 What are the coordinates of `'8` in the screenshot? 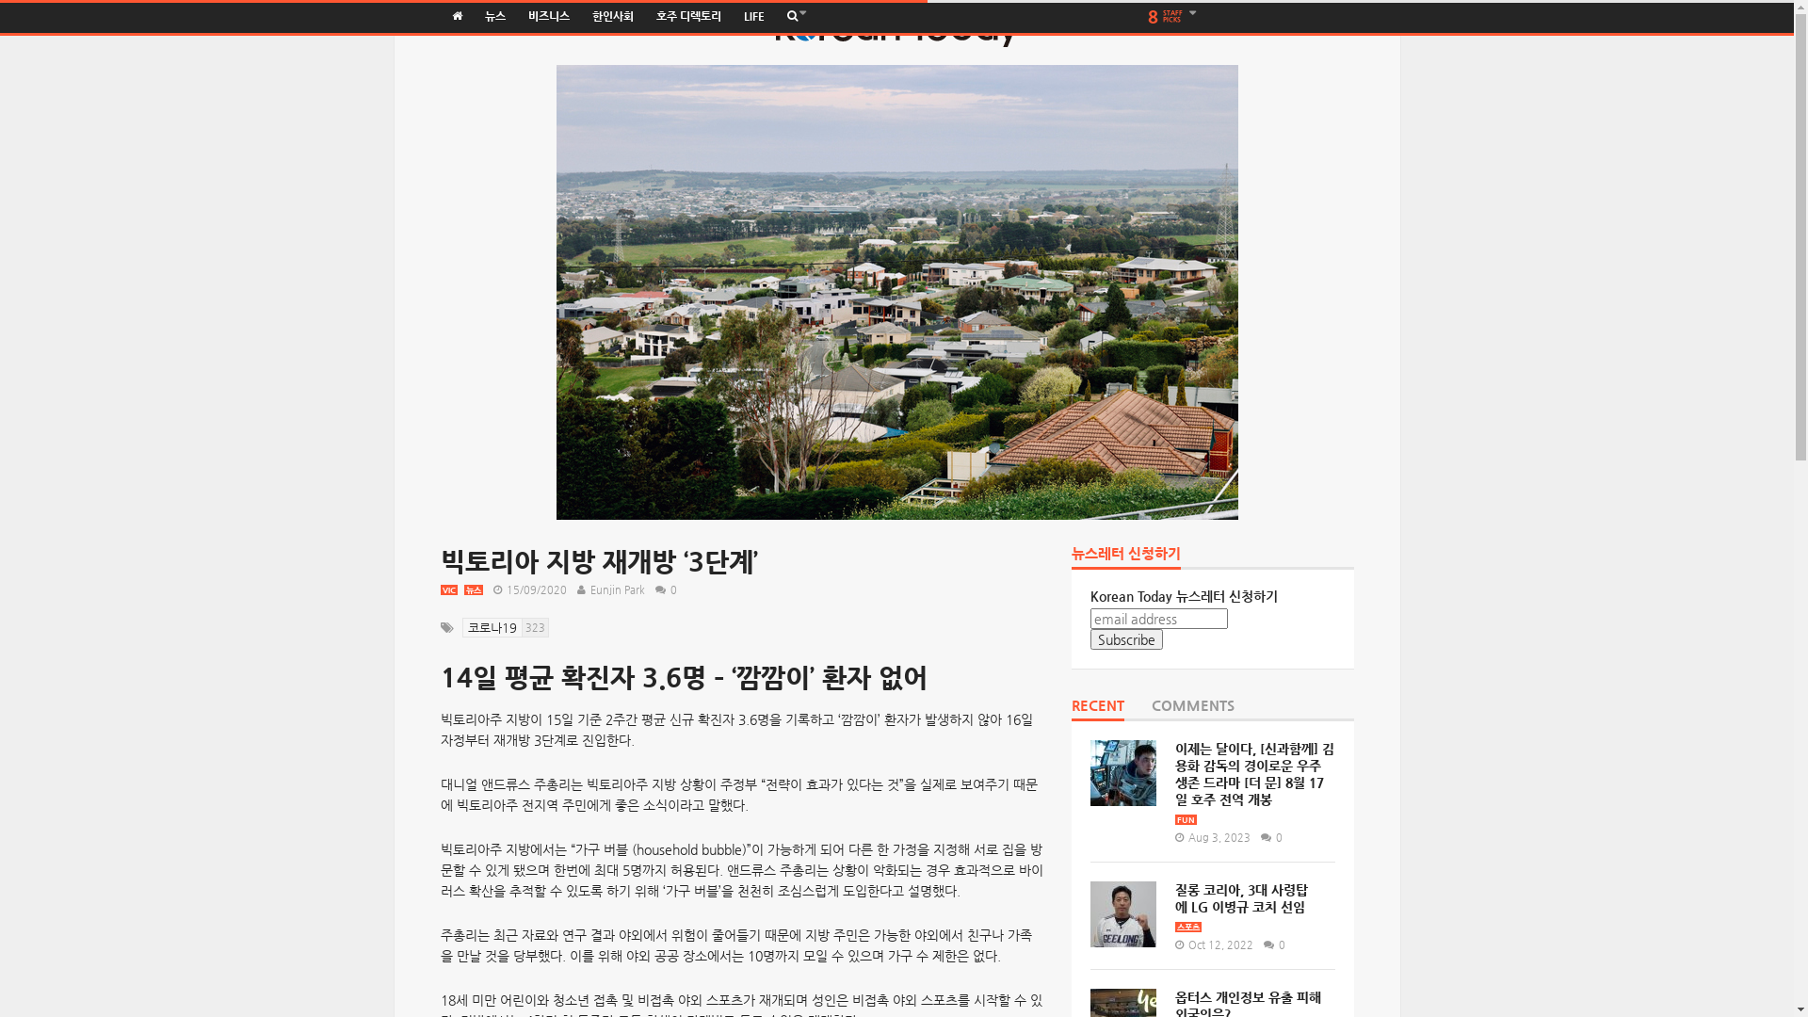 It's located at (1172, 16).